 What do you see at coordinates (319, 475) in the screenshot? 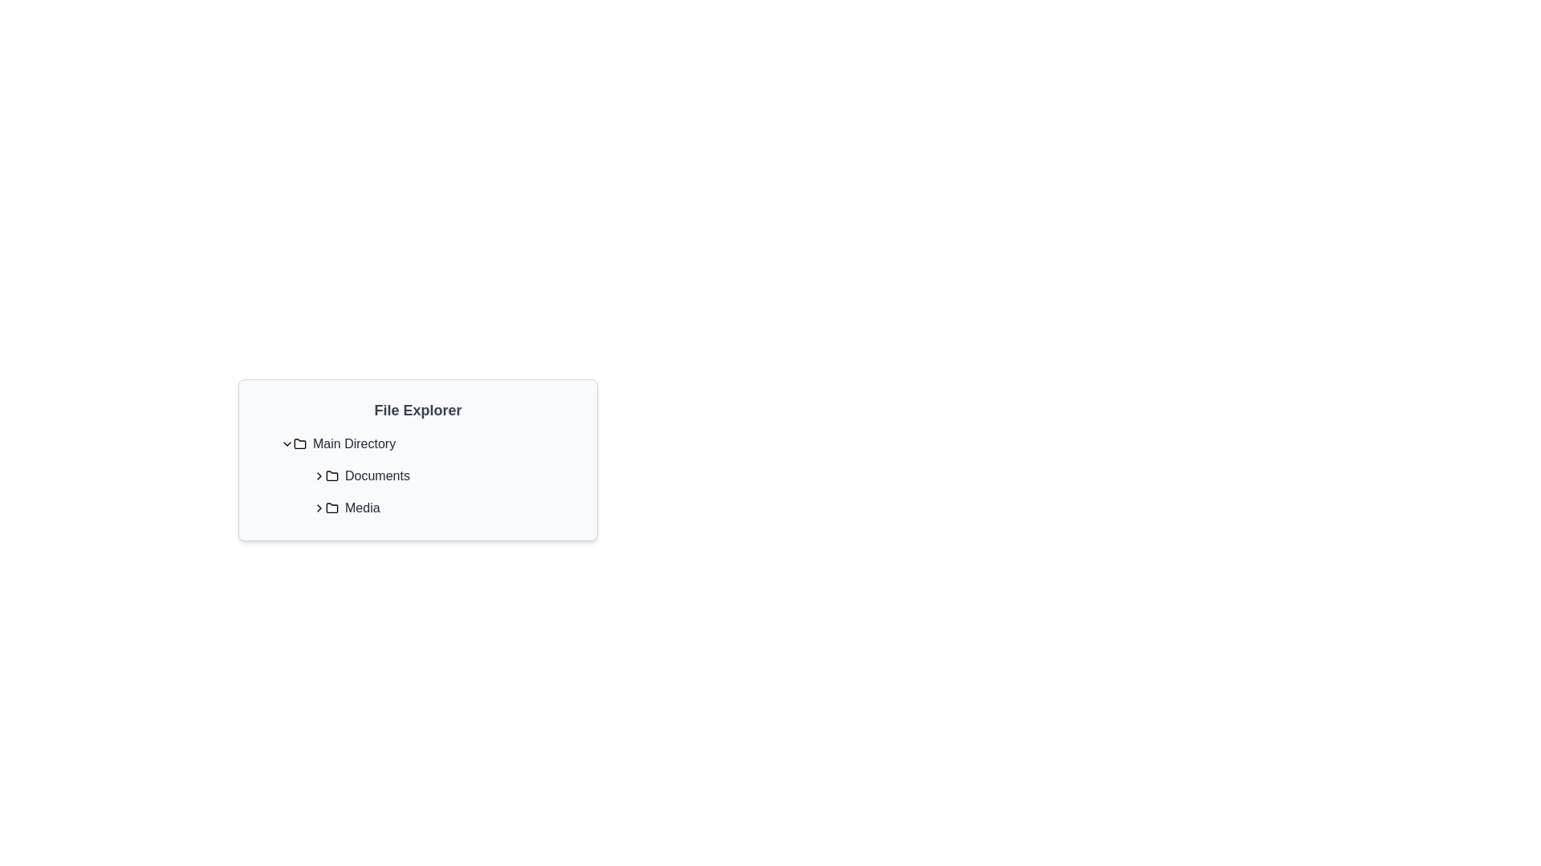
I see `the Chevron icon located at the leftmost position of the list item` at bounding box center [319, 475].